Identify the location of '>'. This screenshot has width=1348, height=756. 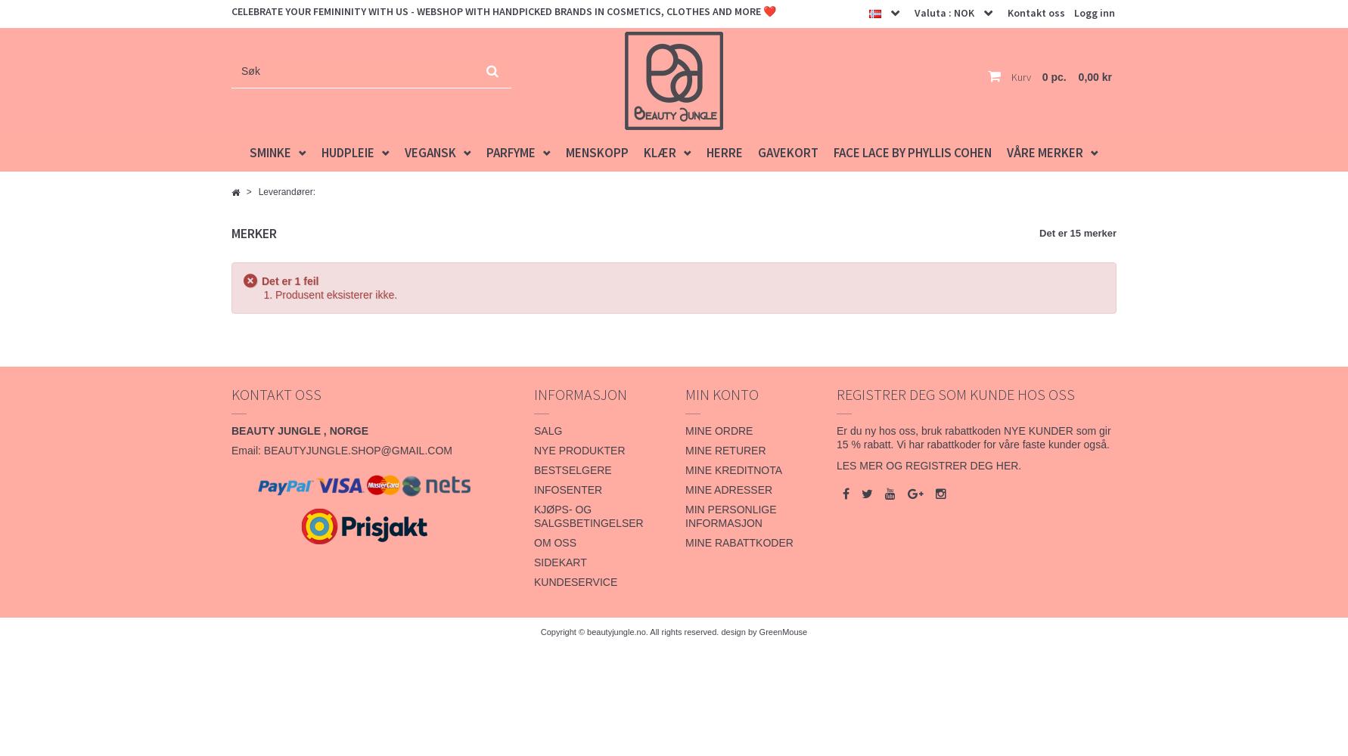
(247, 192).